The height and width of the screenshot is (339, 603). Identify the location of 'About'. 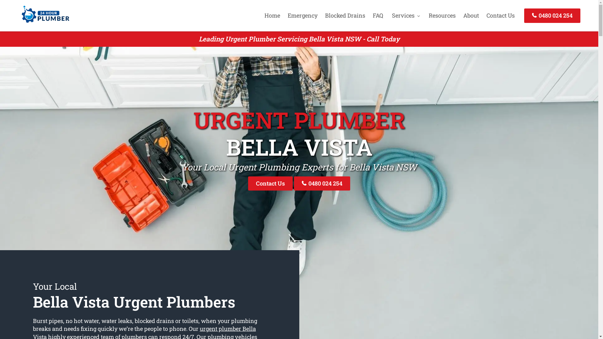
(460, 15).